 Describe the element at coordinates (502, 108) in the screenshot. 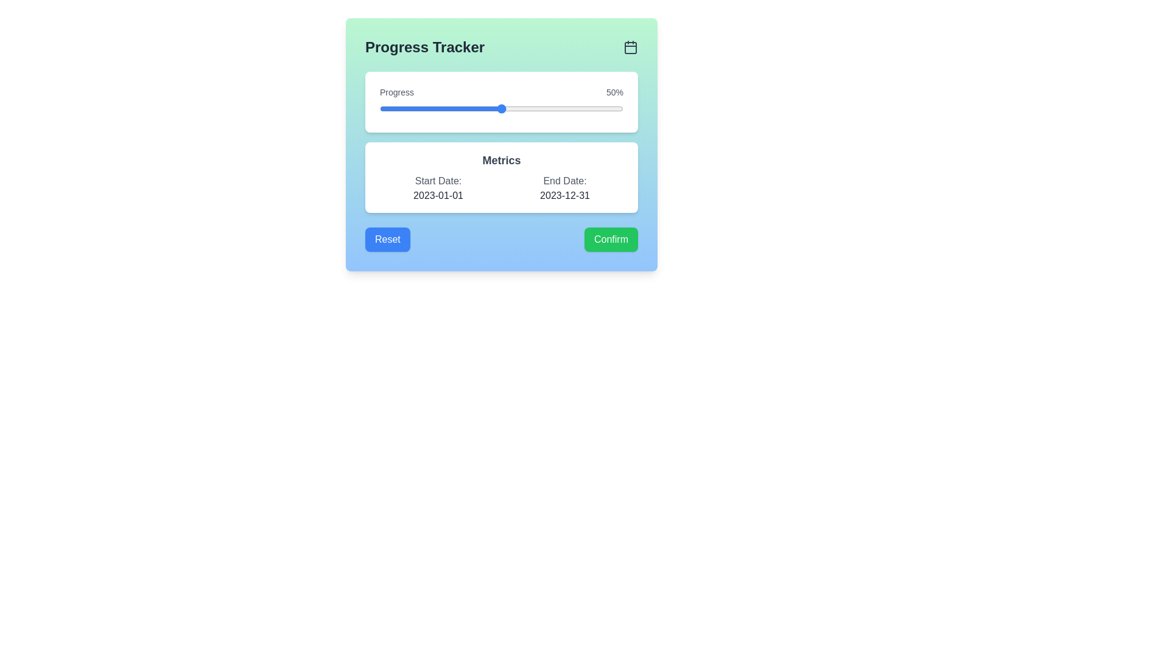

I see `the horizontal slider control for keyboard adjustments` at that location.